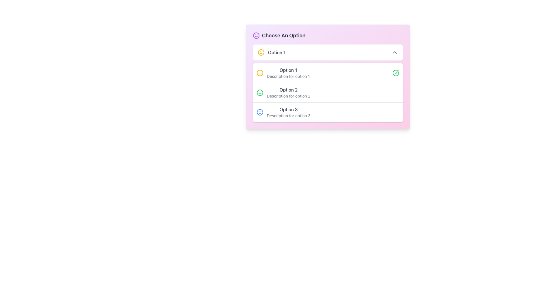  I want to click on the topmost selectable option labeled 'Option 1' which consists of a smiling face icon in yellow and the text in gray, so click(271, 52).